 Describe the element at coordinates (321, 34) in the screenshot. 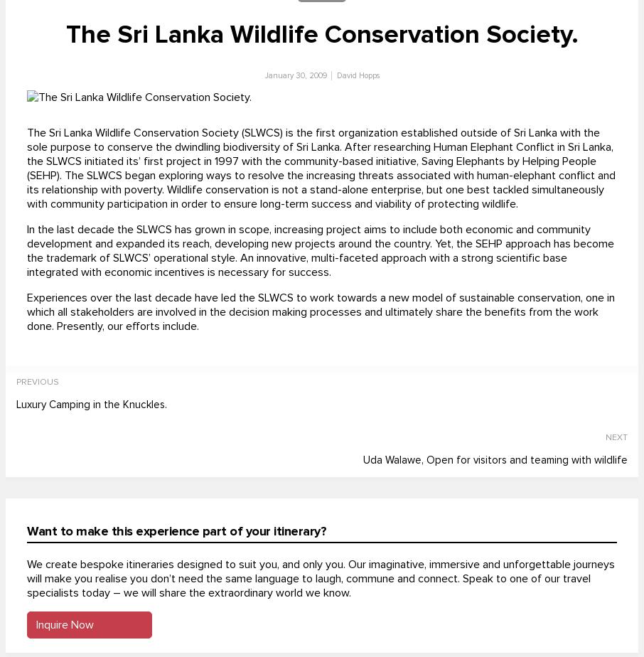

I see `'The Sri Lanka Wildlife Conservation Society.'` at that location.